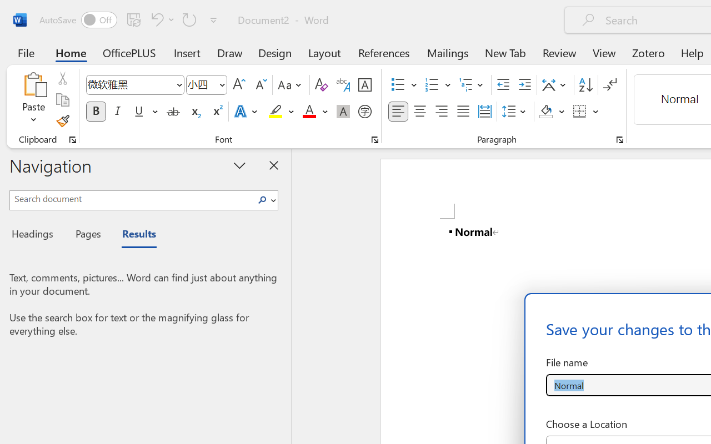  Describe the element at coordinates (432, 85) in the screenshot. I see `'Numbering'` at that location.